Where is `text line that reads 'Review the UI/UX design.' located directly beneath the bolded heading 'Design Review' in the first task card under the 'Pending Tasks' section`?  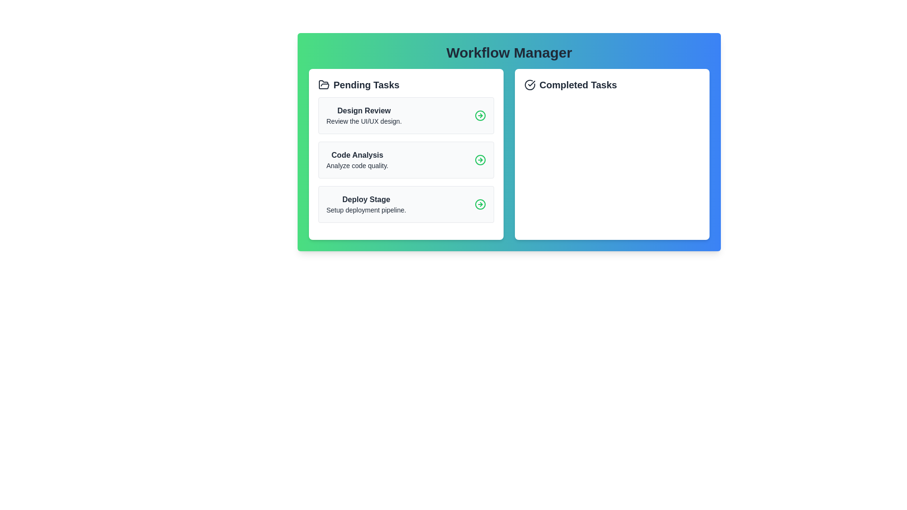 text line that reads 'Review the UI/UX design.' located directly beneath the bolded heading 'Design Review' in the first task card under the 'Pending Tasks' section is located at coordinates (363, 121).